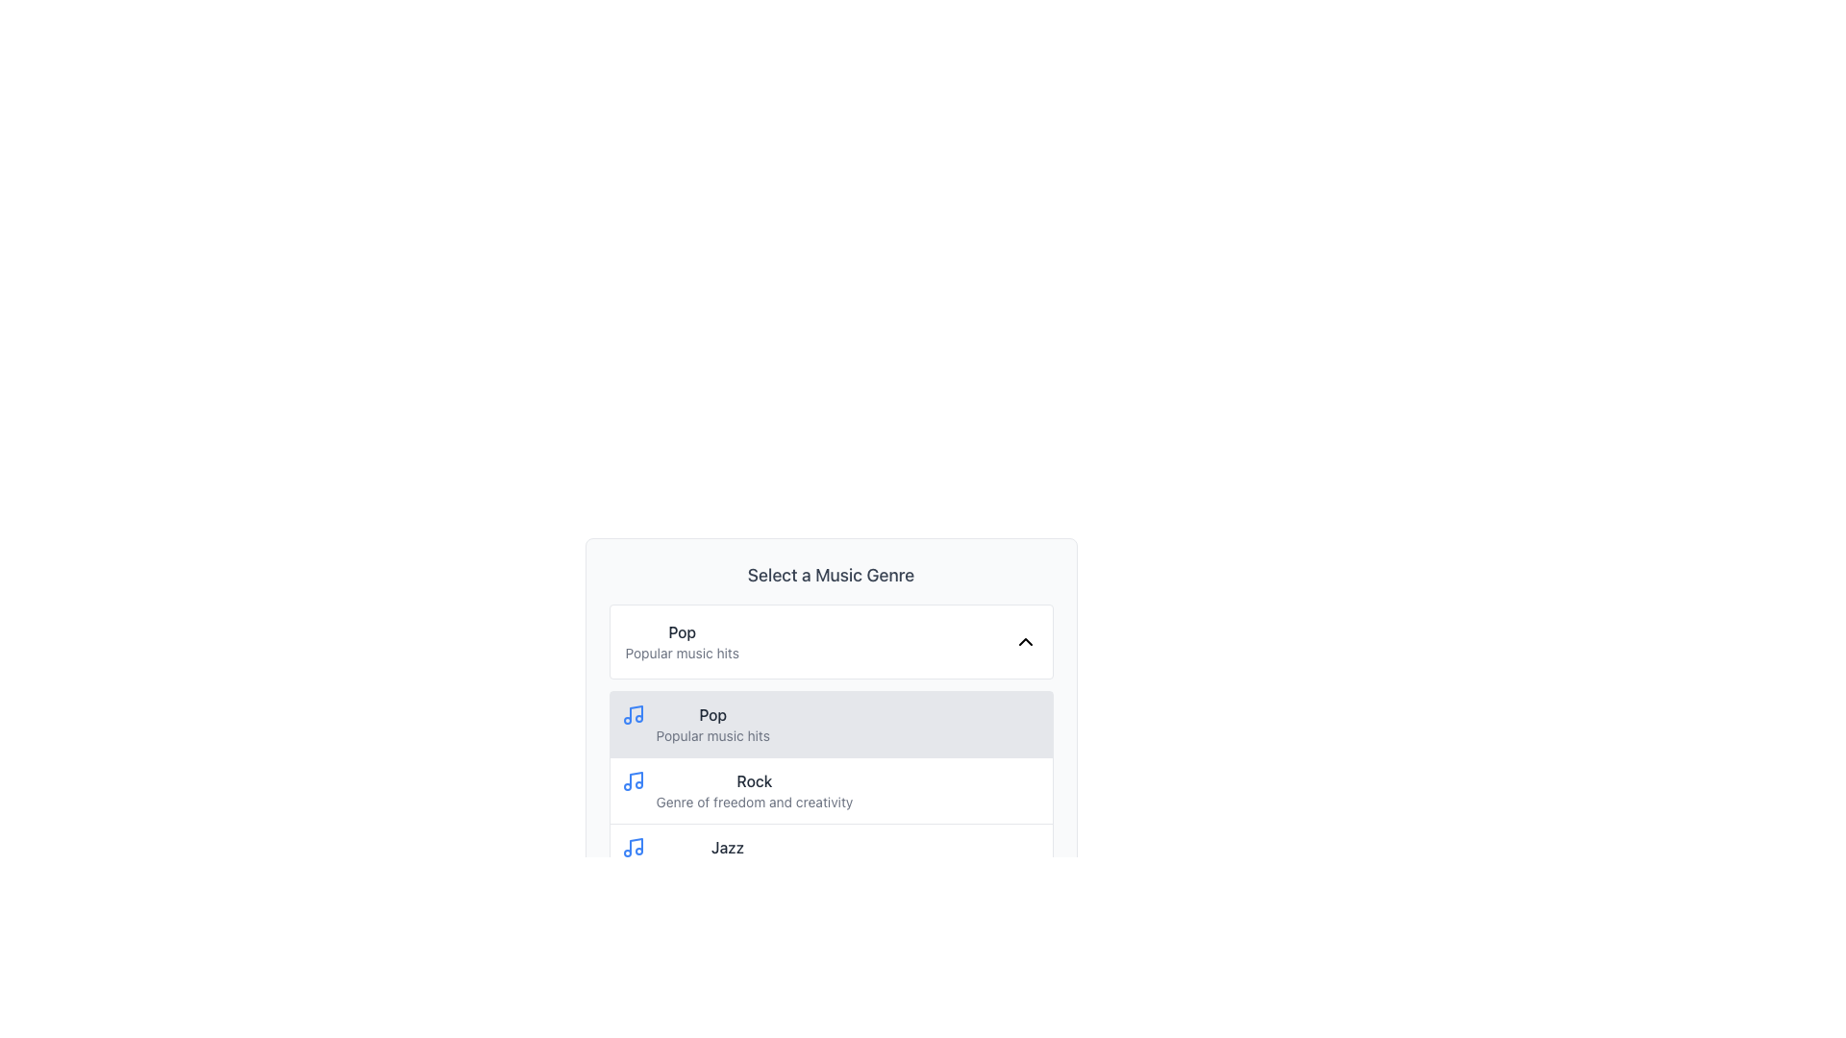 The image size is (1846, 1038). Describe the element at coordinates (831, 823) in the screenshot. I see `the second item in the 'Select a Music Genre' dropdown list` at that location.